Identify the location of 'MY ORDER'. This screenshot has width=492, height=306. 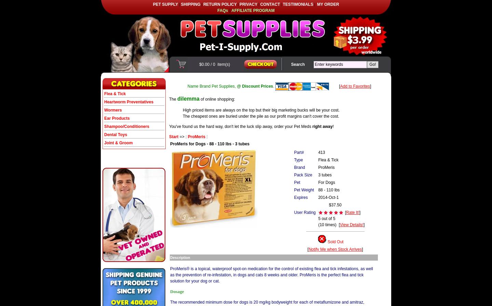
(317, 4).